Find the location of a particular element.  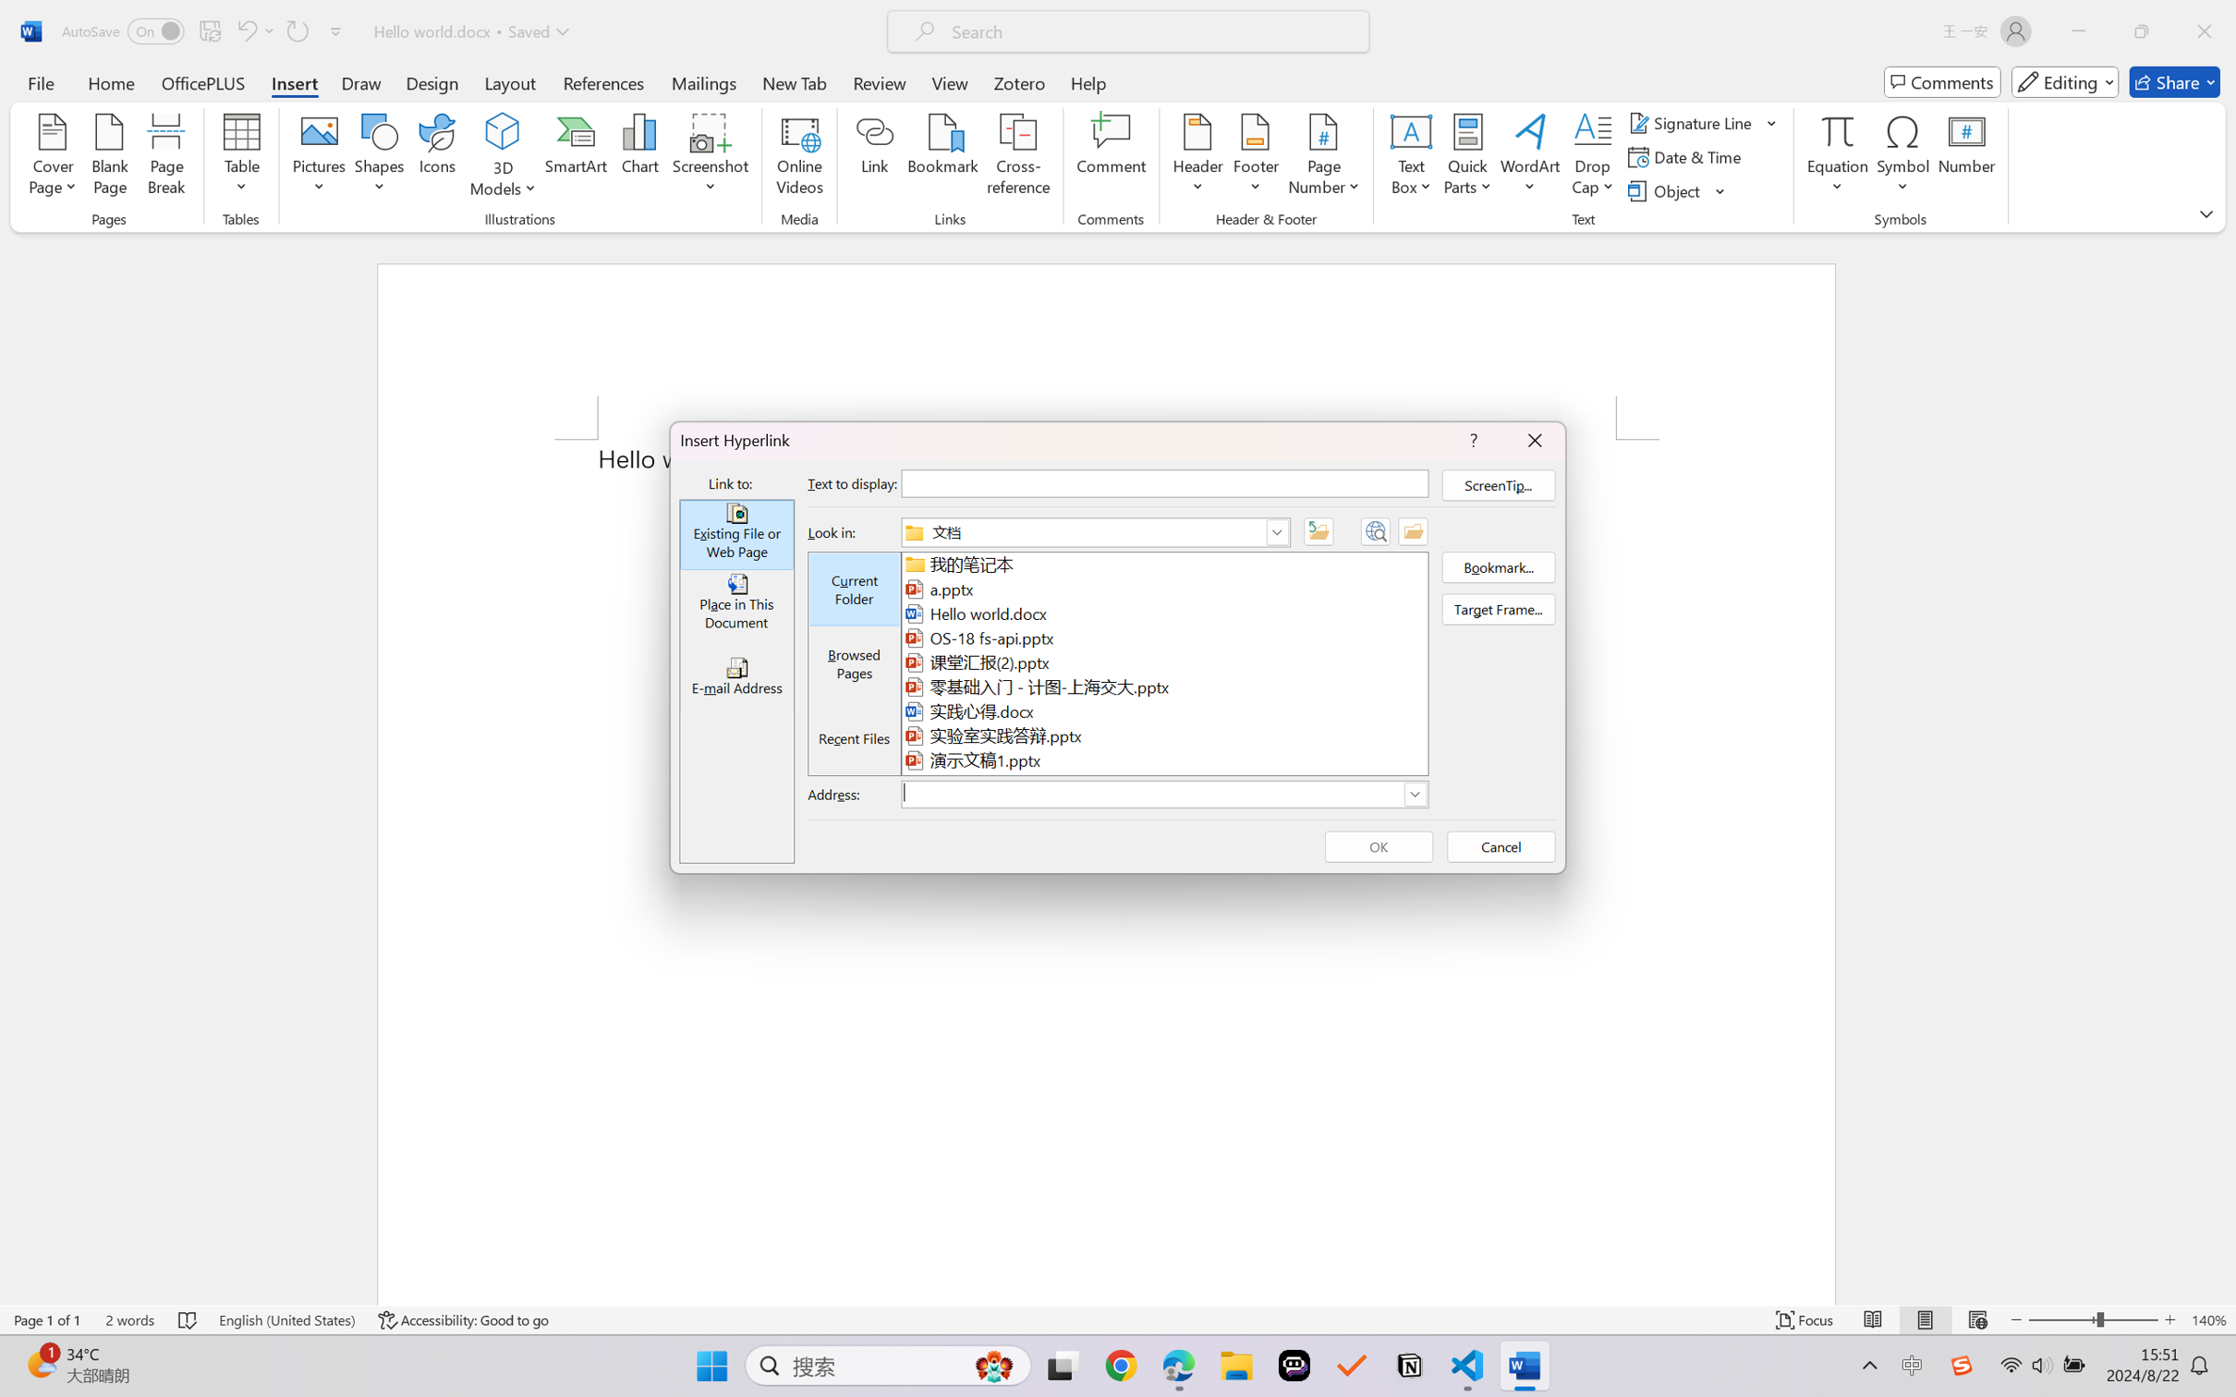

'Spelling and Grammar Check No Errors' is located at coordinates (188, 1319).